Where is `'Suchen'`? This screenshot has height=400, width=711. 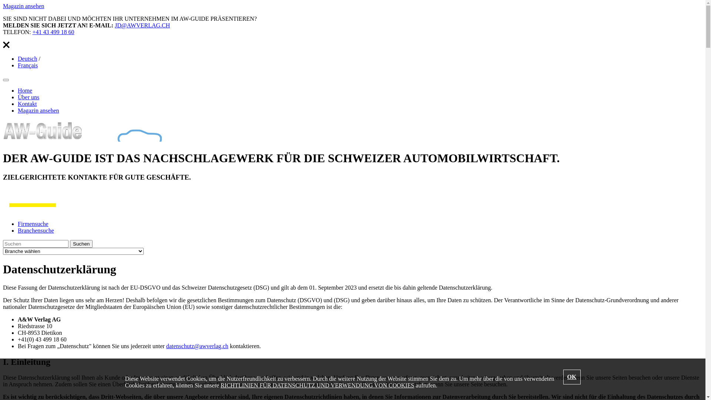
'Suchen' is located at coordinates (81, 244).